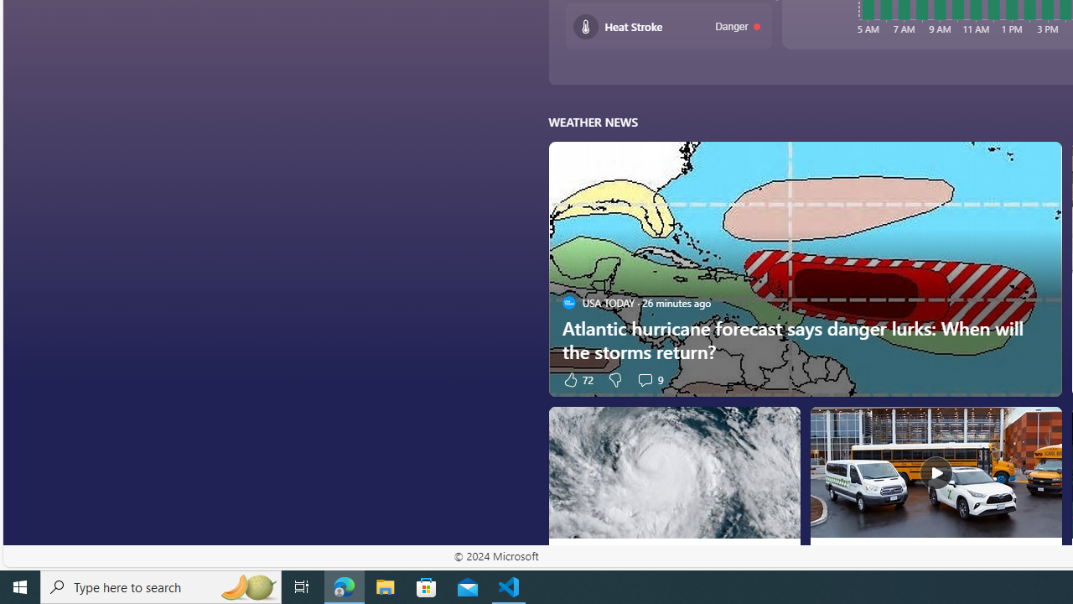  Describe the element at coordinates (668, 26) in the screenshot. I see `'Heat stroke Danger'` at that location.